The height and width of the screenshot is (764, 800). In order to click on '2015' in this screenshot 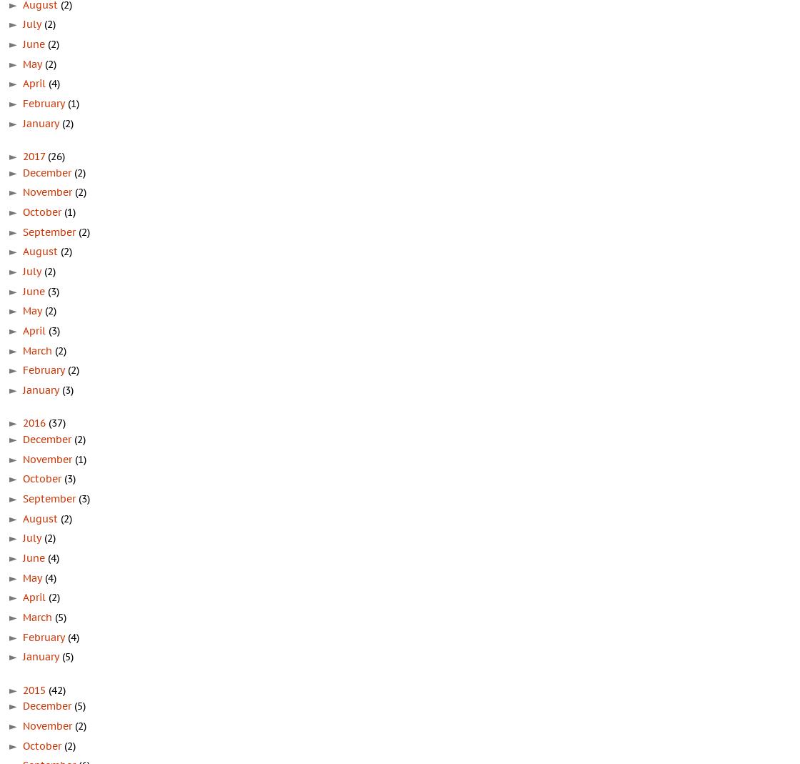, I will do `click(23, 689)`.